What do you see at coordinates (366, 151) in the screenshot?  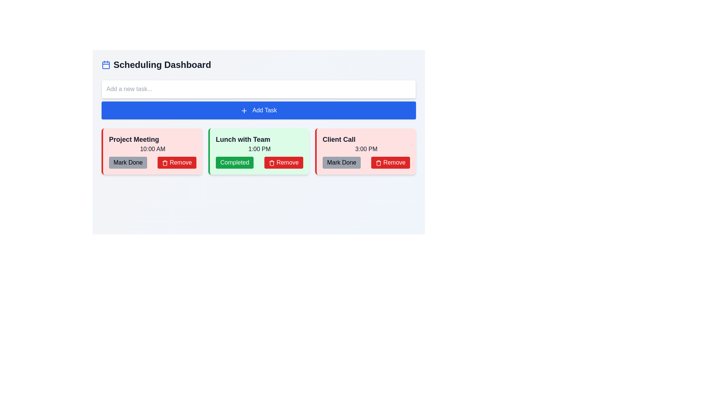 I see `the 'Client Call' agenda item card, which is the third card in a grid layout, positioned at the bottom right corner` at bounding box center [366, 151].